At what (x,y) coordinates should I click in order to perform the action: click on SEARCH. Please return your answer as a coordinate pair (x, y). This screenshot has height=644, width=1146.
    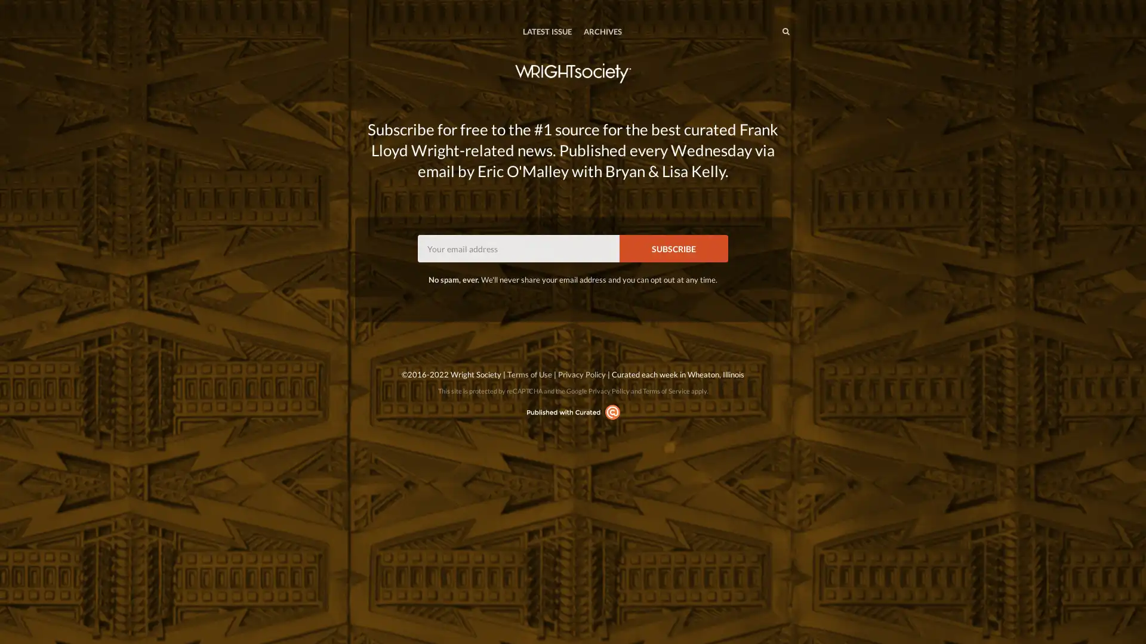
    Looking at the image, I should click on (760, 30).